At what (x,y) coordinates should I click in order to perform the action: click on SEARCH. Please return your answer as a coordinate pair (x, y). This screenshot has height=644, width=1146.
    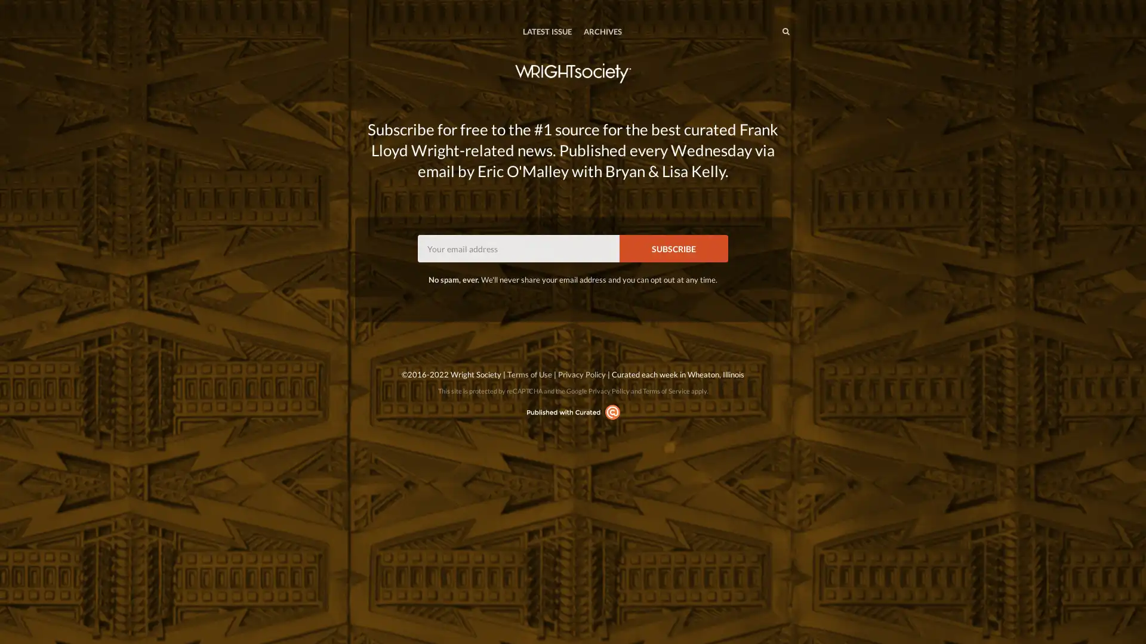
    Looking at the image, I should click on (760, 30).